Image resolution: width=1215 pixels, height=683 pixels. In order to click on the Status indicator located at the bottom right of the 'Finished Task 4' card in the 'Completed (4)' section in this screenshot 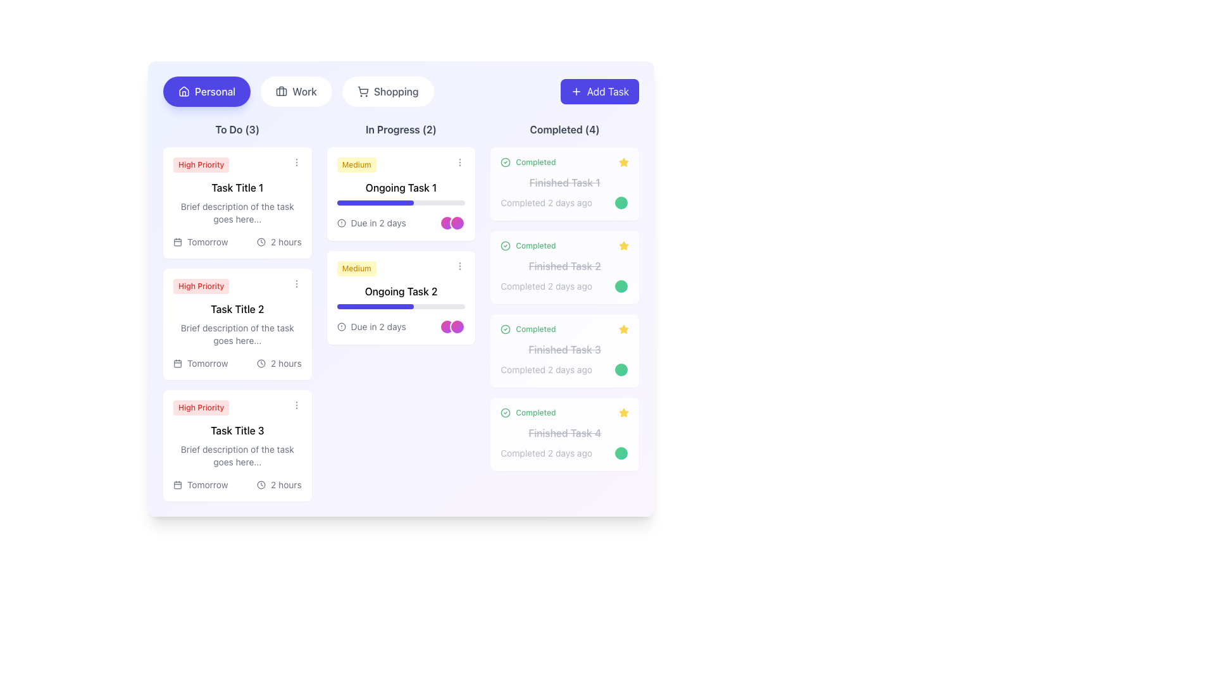, I will do `click(621, 453)`.